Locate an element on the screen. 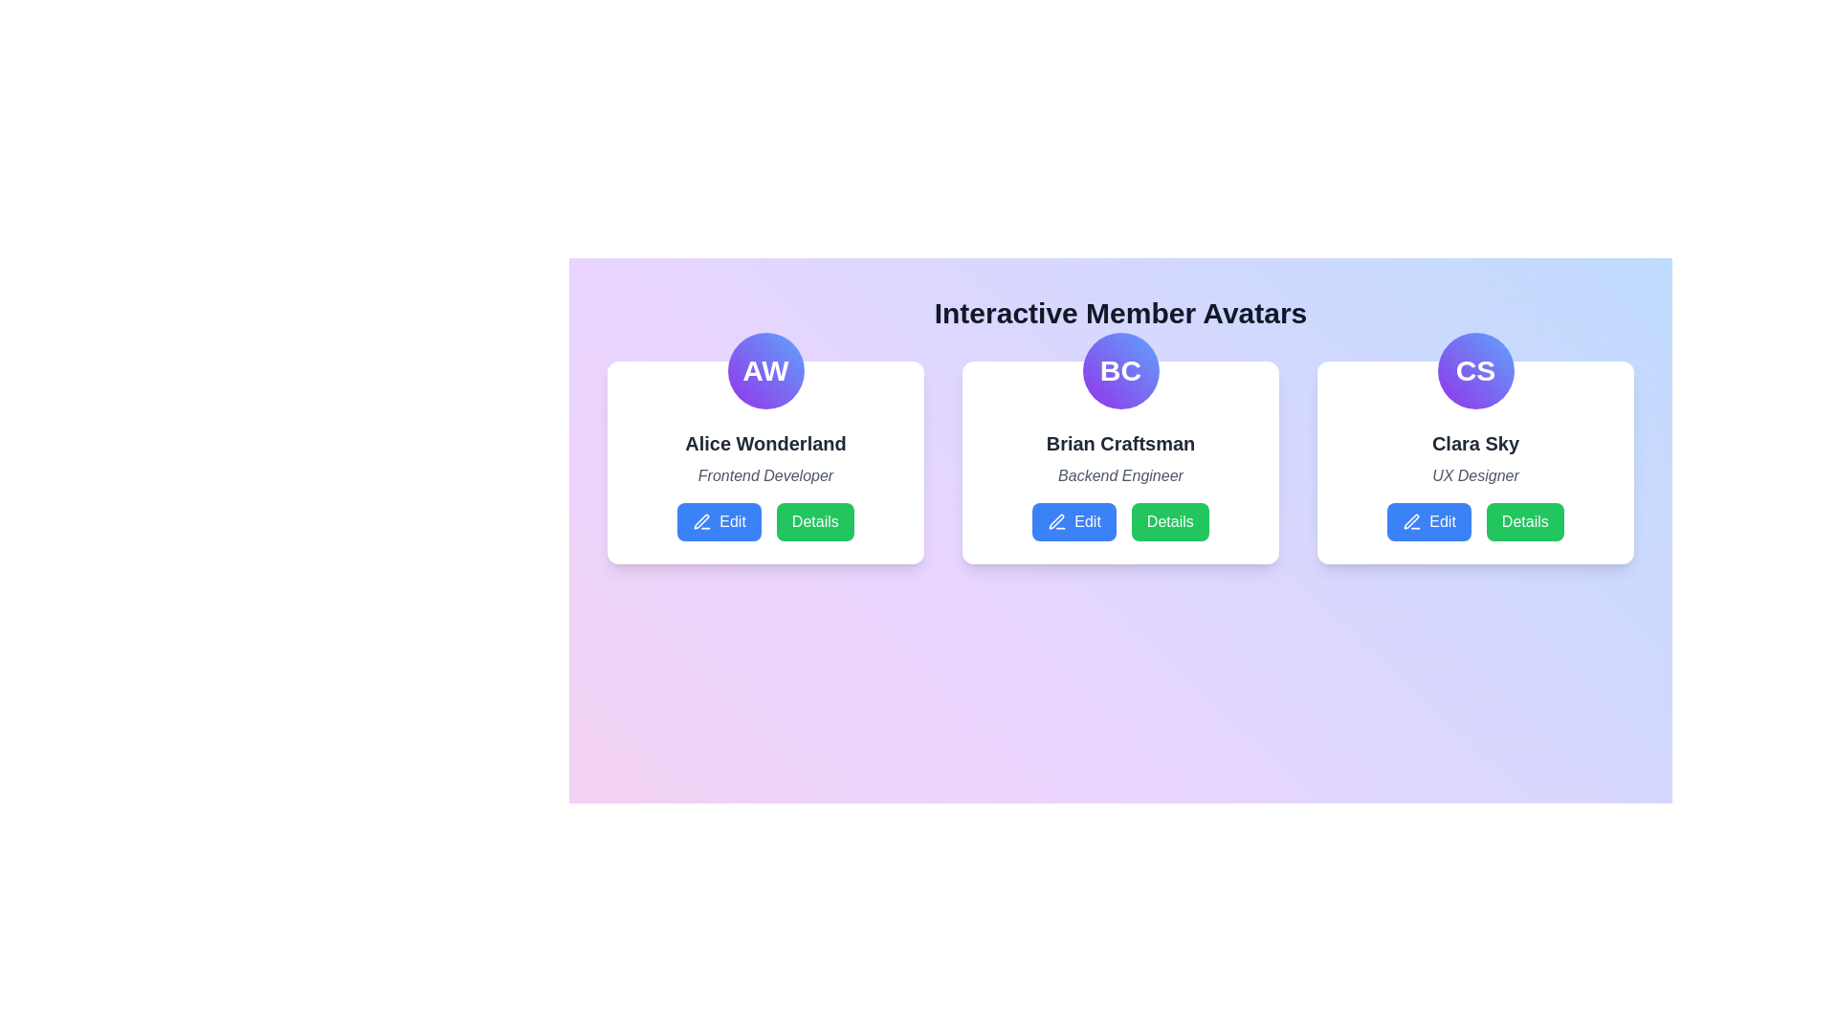 The image size is (1837, 1033). the first button on the left within the user profile card to initiate an edit action is located at coordinates (719, 522).